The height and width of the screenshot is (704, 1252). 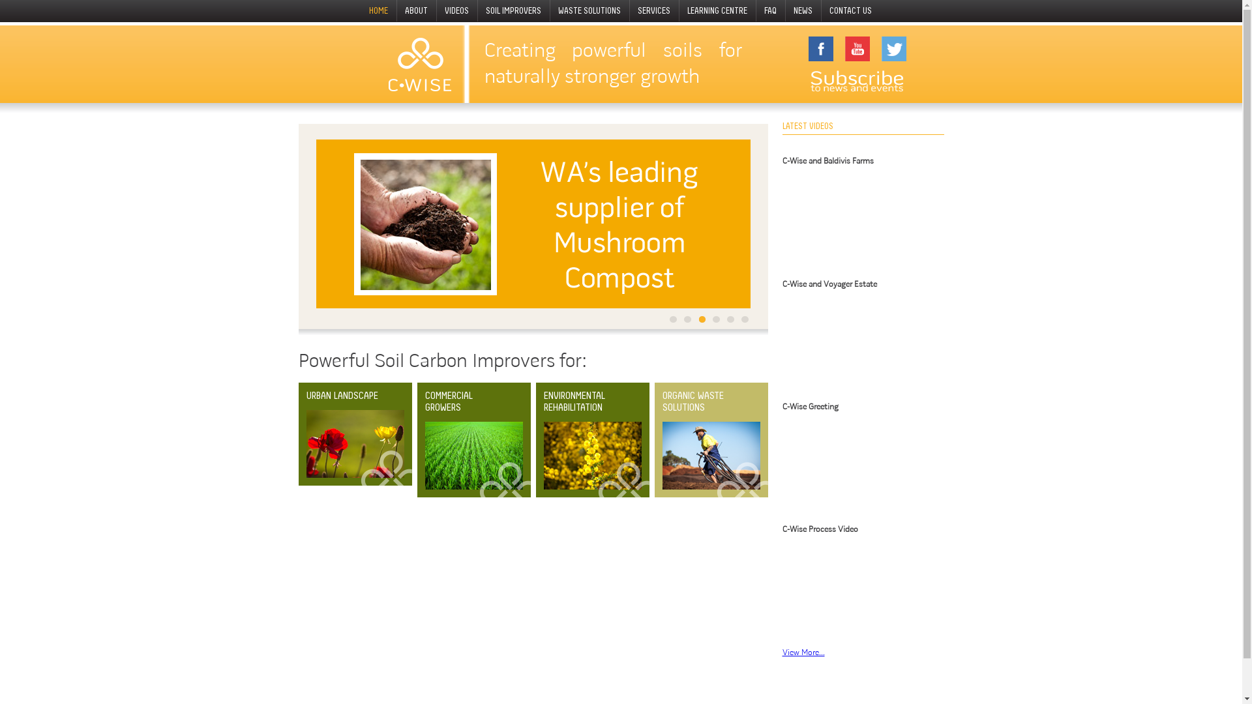 What do you see at coordinates (803, 653) in the screenshot?
I see `'View More...'` at bounding box center [803, 653].